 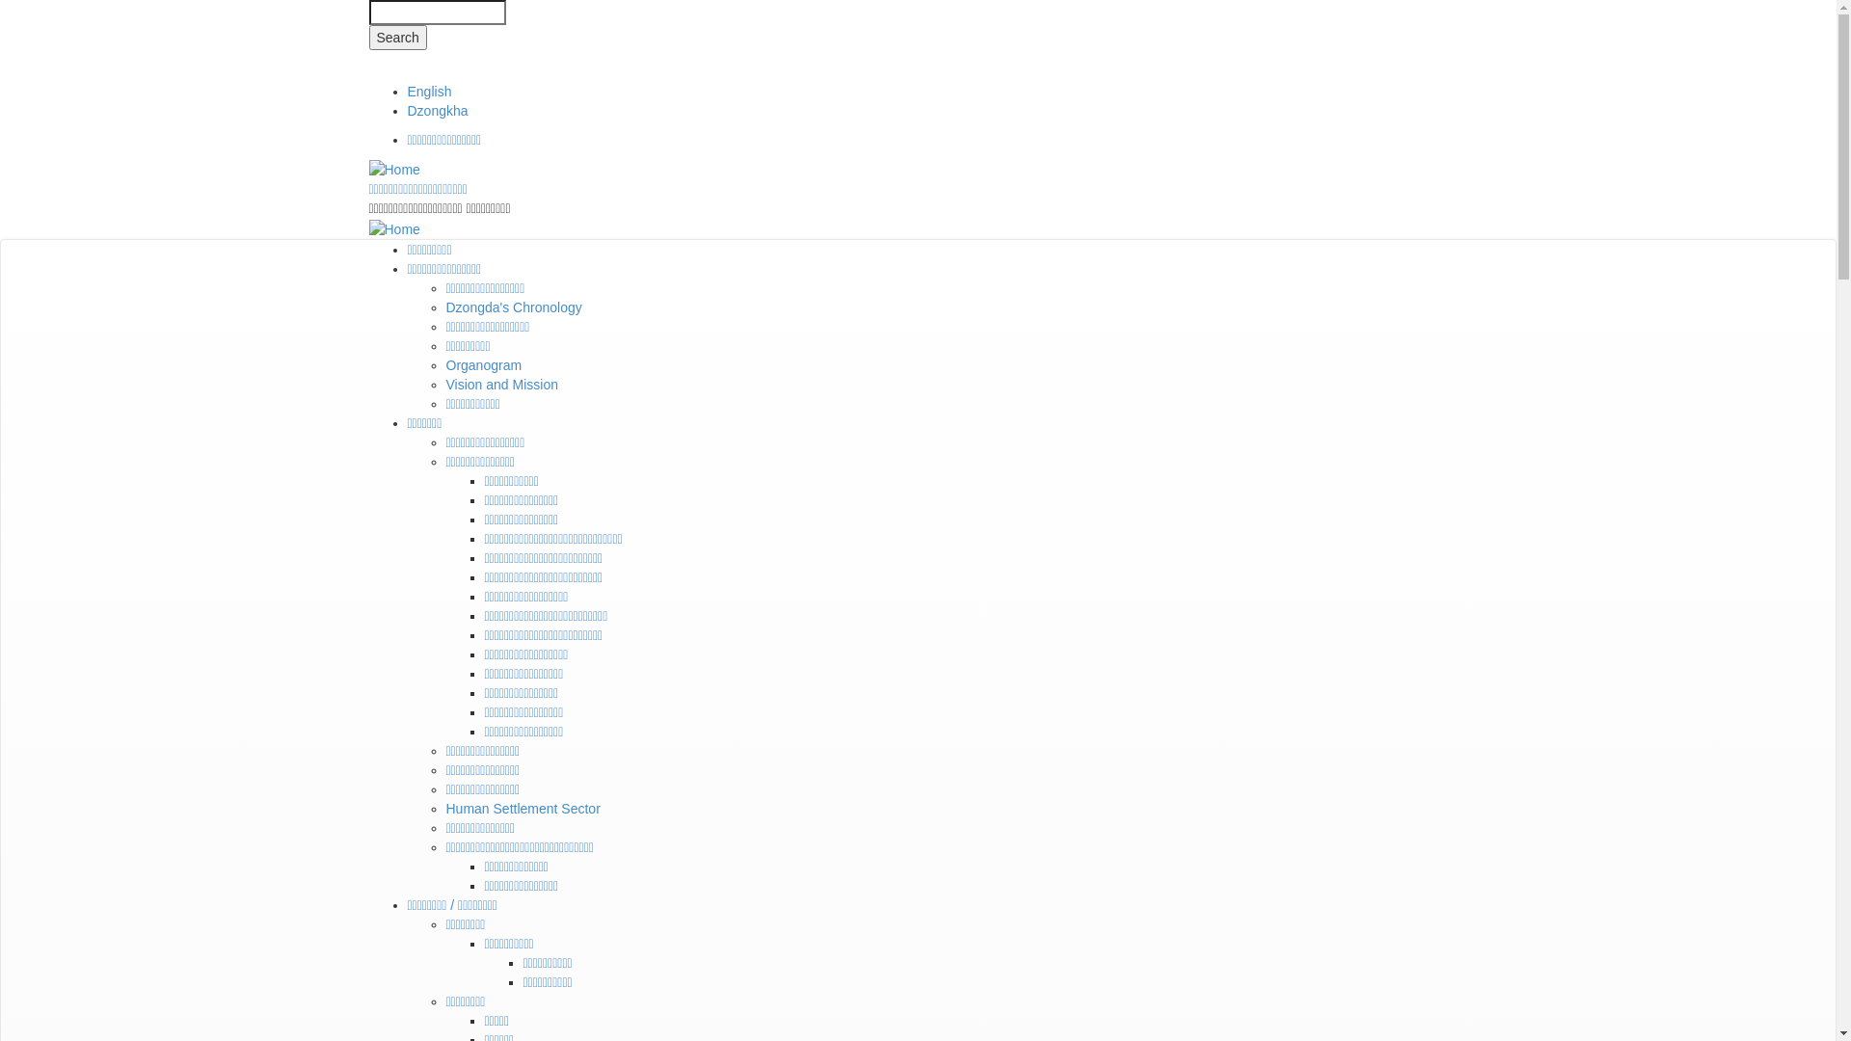 I want to click on 'English', so click(x=428, y=92).